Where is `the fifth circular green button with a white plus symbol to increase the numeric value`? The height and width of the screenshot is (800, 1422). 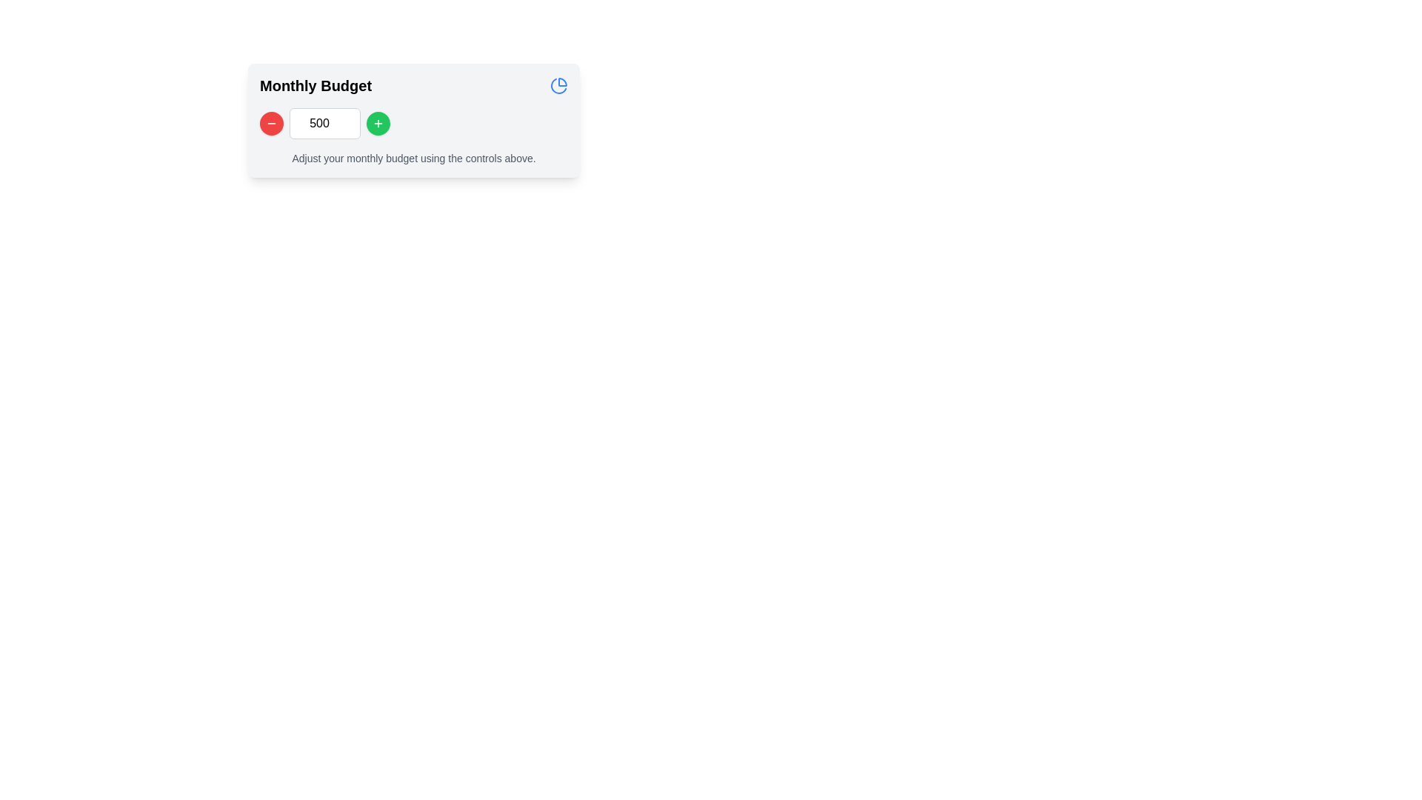 the fifth circular green button with a white plus symbol to increase the numeric value is located at coordinates (378, 122).